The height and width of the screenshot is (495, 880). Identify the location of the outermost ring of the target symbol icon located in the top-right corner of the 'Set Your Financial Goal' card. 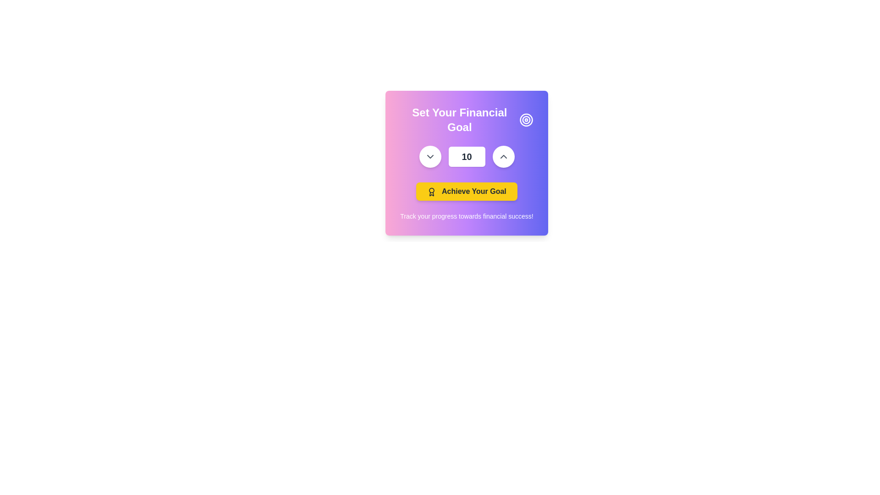
(526, 120).